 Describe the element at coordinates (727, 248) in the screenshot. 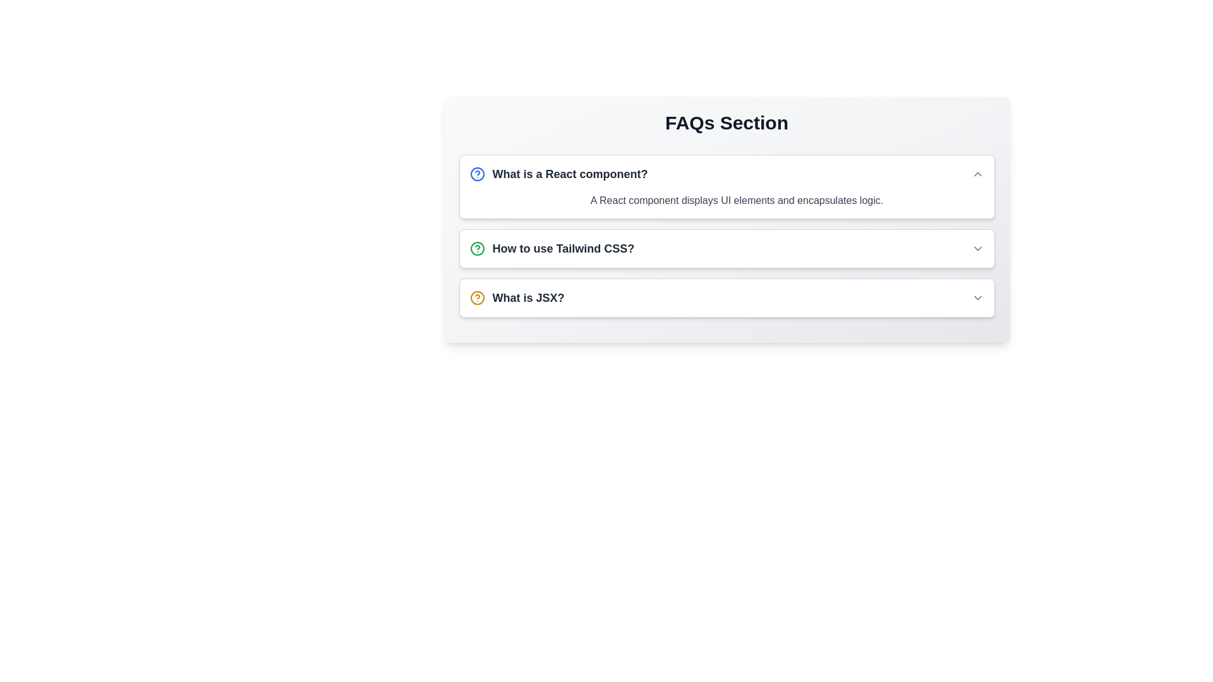

I see `the second collapsible FAQ item located in the middle of the FAQs section` at that location.